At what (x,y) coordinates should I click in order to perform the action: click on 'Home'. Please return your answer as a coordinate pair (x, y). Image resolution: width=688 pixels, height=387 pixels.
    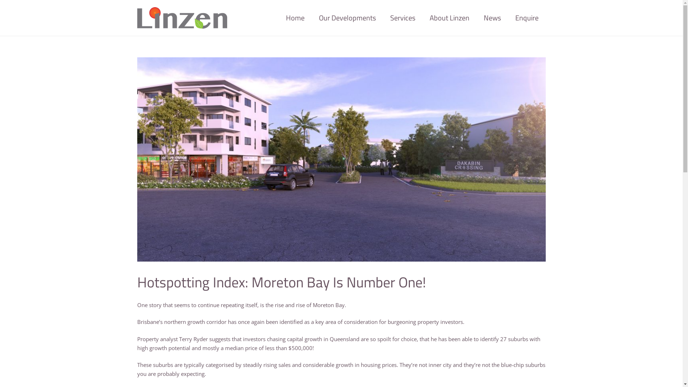
    Looking at the image, I should click on (278, 18).